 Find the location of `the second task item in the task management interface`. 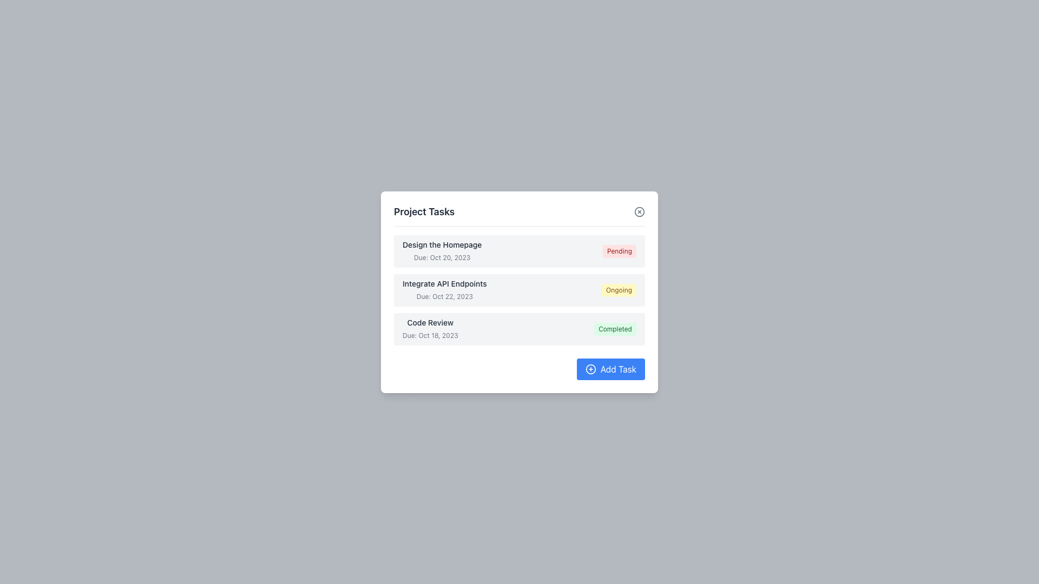

the second task item in the task management interface is located at coordinates (519, 289).